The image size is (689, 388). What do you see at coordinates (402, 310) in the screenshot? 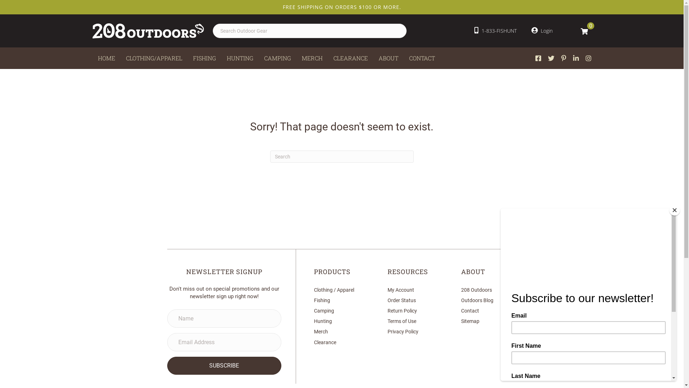
I see `'Return Policy'` at bounding box center [402, 310].